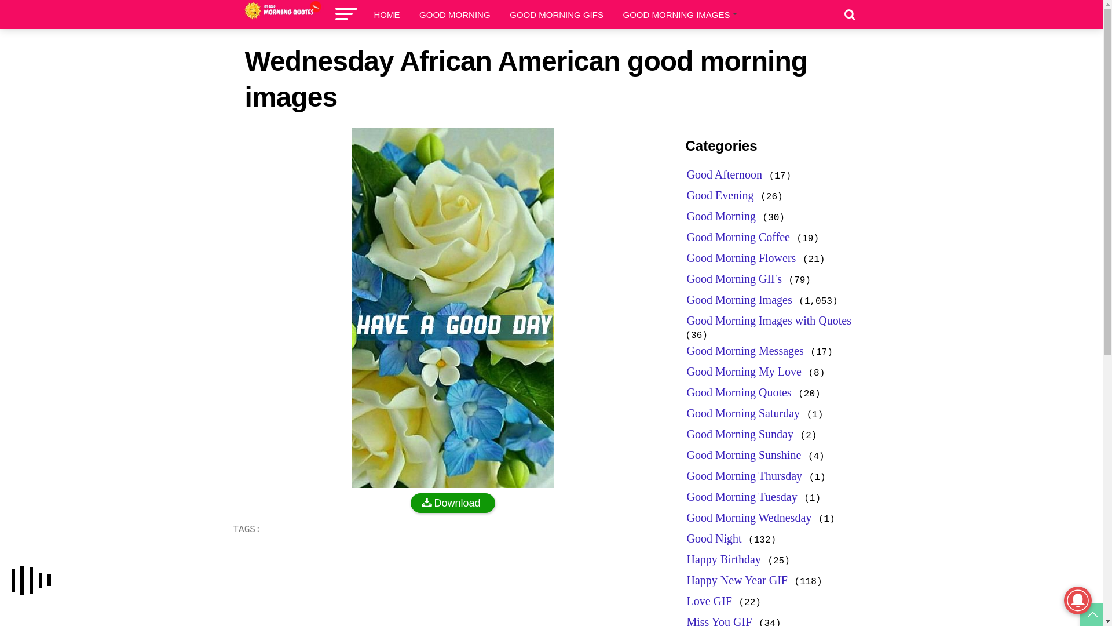  Describe the element at coordinates (769, 320) in the screenshot. I see `'Good Morning Images with Quotes'` at that location.